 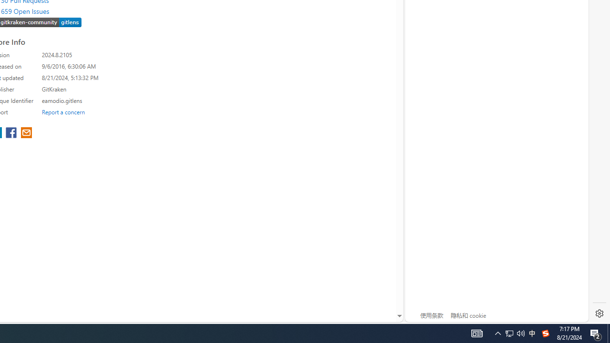 What do you see at coordinates (596, 333) in the screenshot?
I see `'Show desktop'` at bounding box center [596, 333].